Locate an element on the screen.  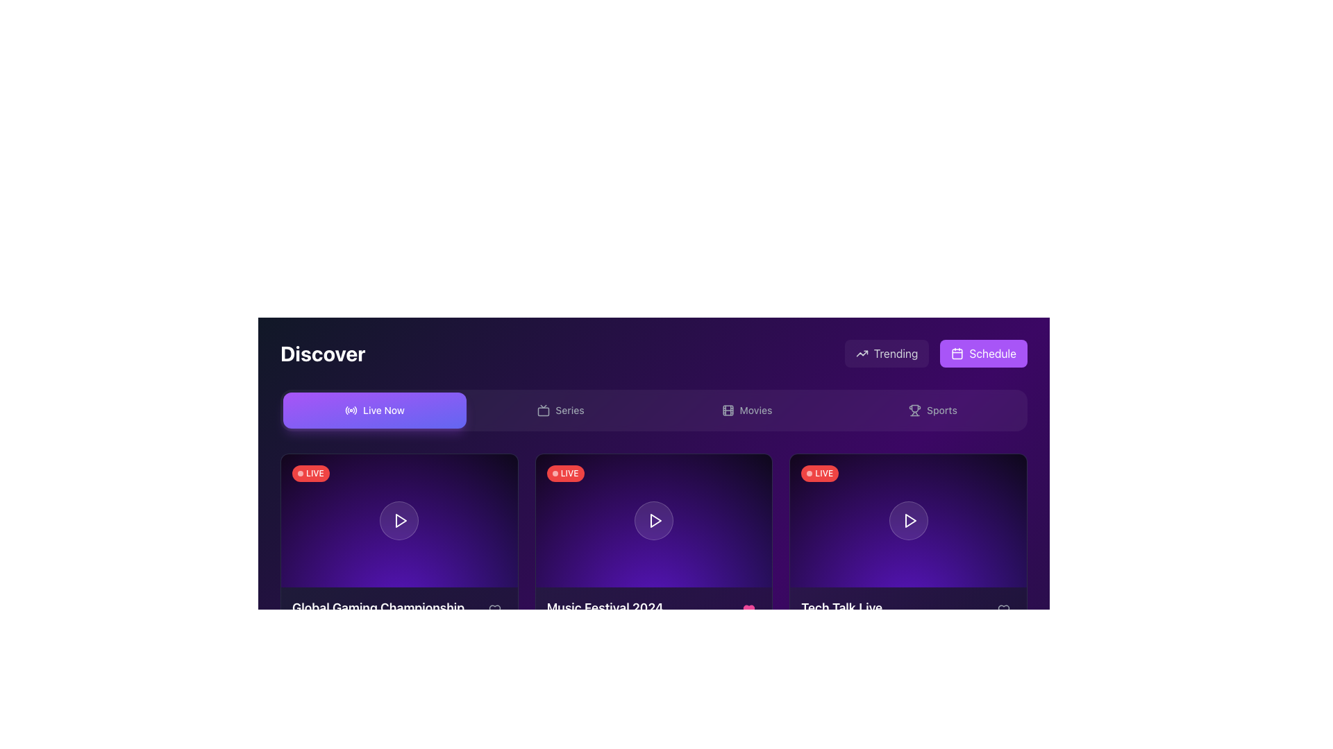
the play button, represented as a triangular icon is located at coordinates (655, 520).